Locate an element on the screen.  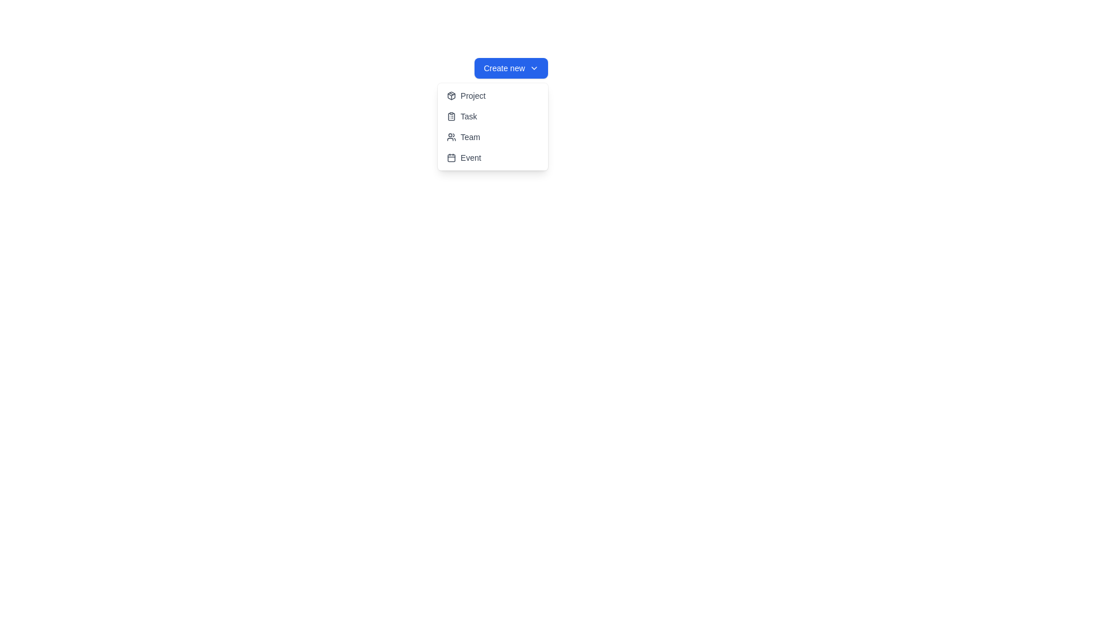
the hexagonal package icon located to the left of the 'Project' text in the first row of the dropdown menu is located at coordinates (450, 95).